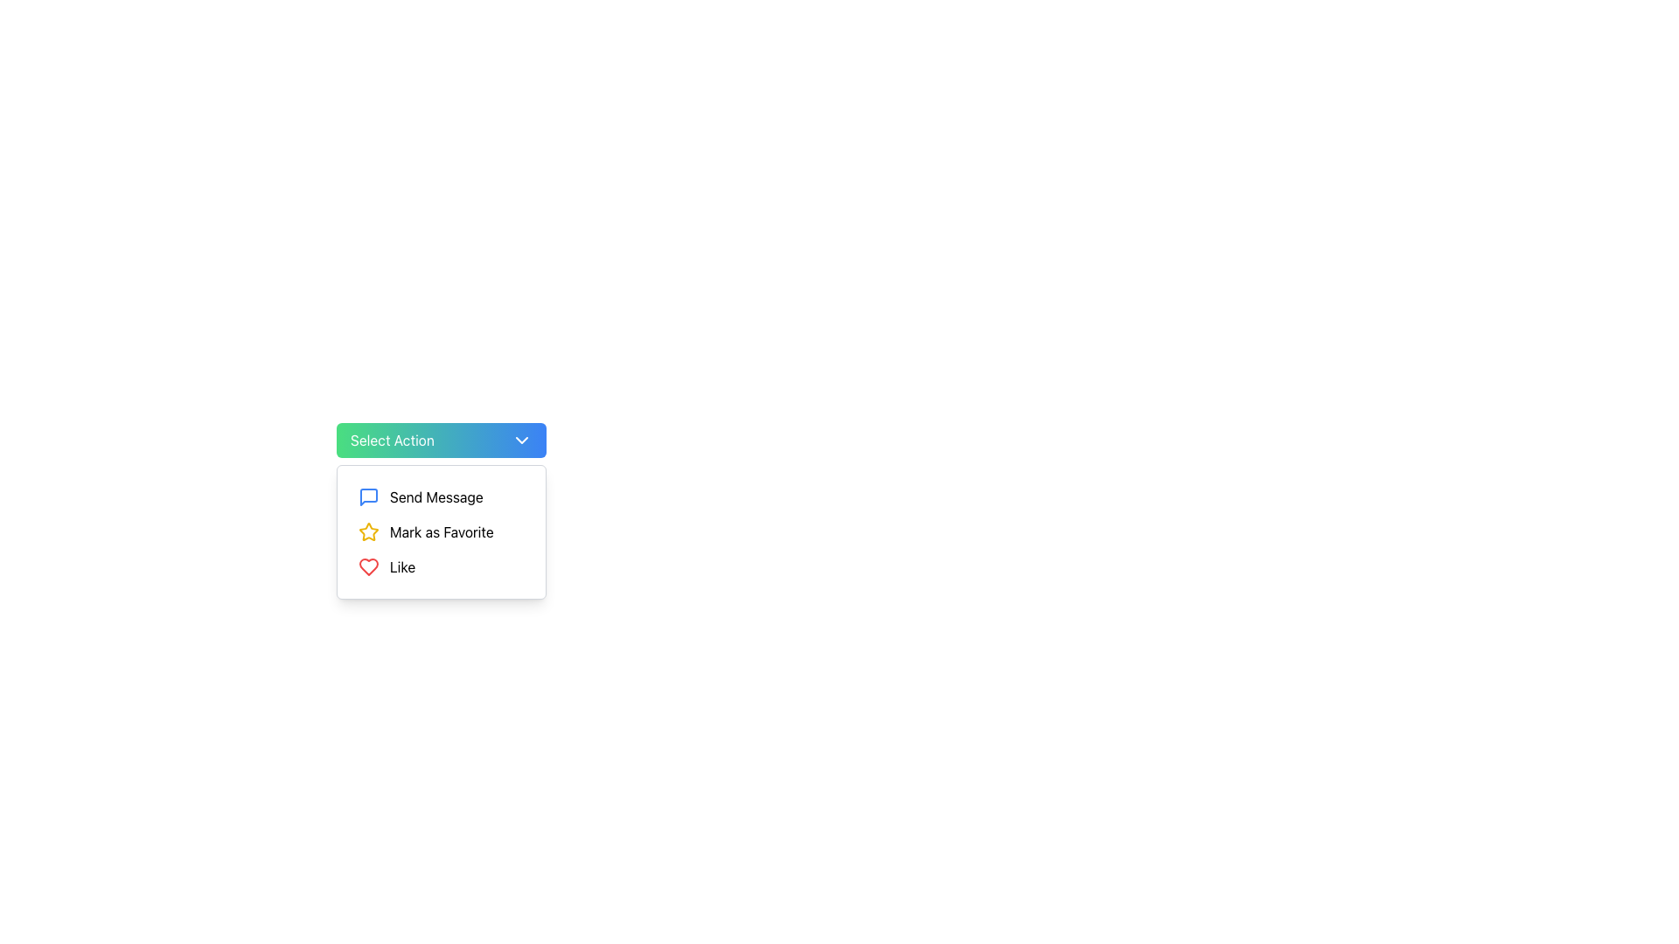 This screenshot has width=1679, height=944. What do you see at coordinates (401, 566) in the screenshot?
I see `the 'Like' label at the bottom of the menu list that indicates the purpose of the associated action` at bounding box center [401, 566].